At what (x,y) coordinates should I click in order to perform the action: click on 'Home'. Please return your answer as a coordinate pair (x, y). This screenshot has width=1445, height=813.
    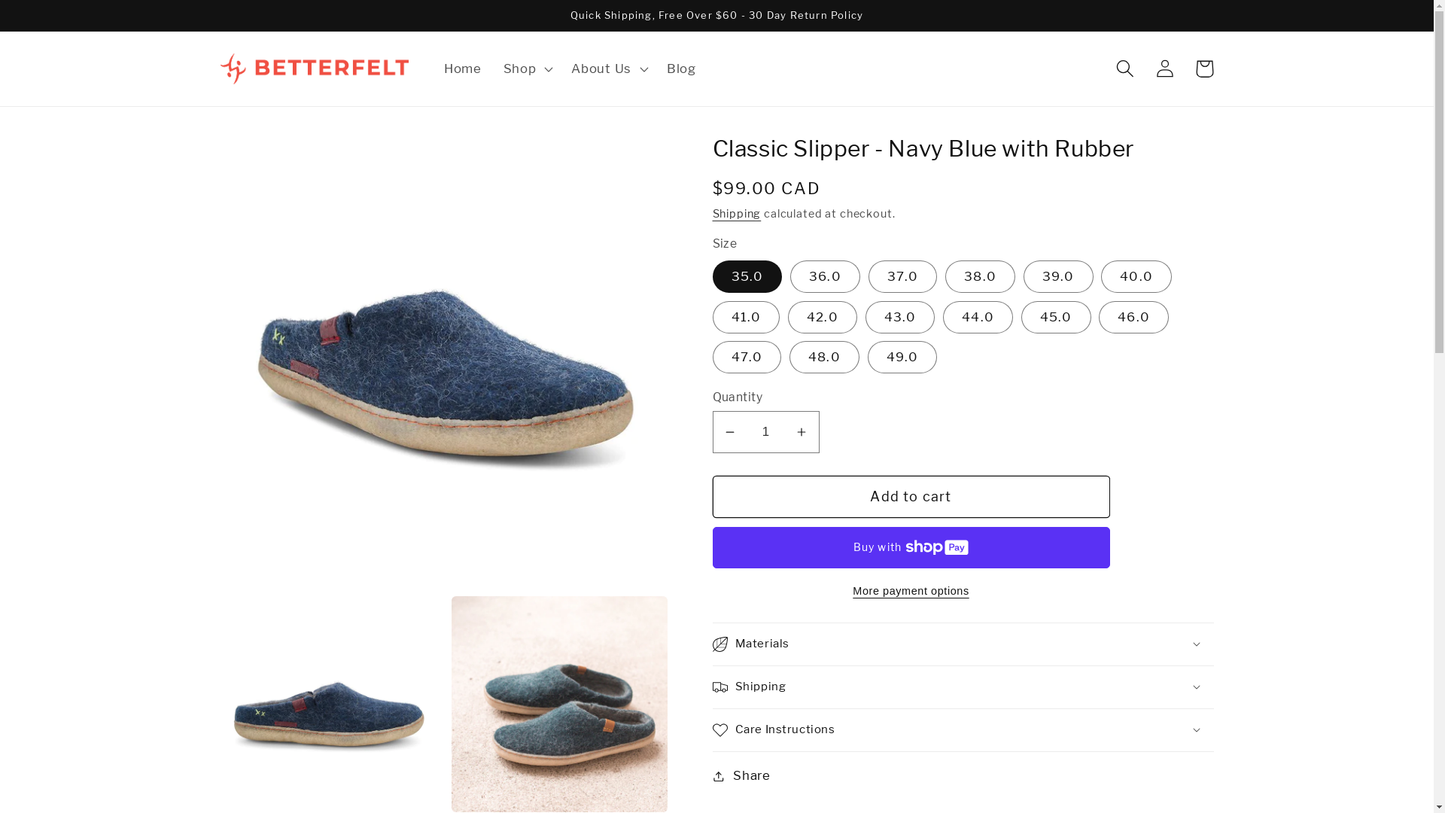
    Looking at the image, I should click on (462, 69).